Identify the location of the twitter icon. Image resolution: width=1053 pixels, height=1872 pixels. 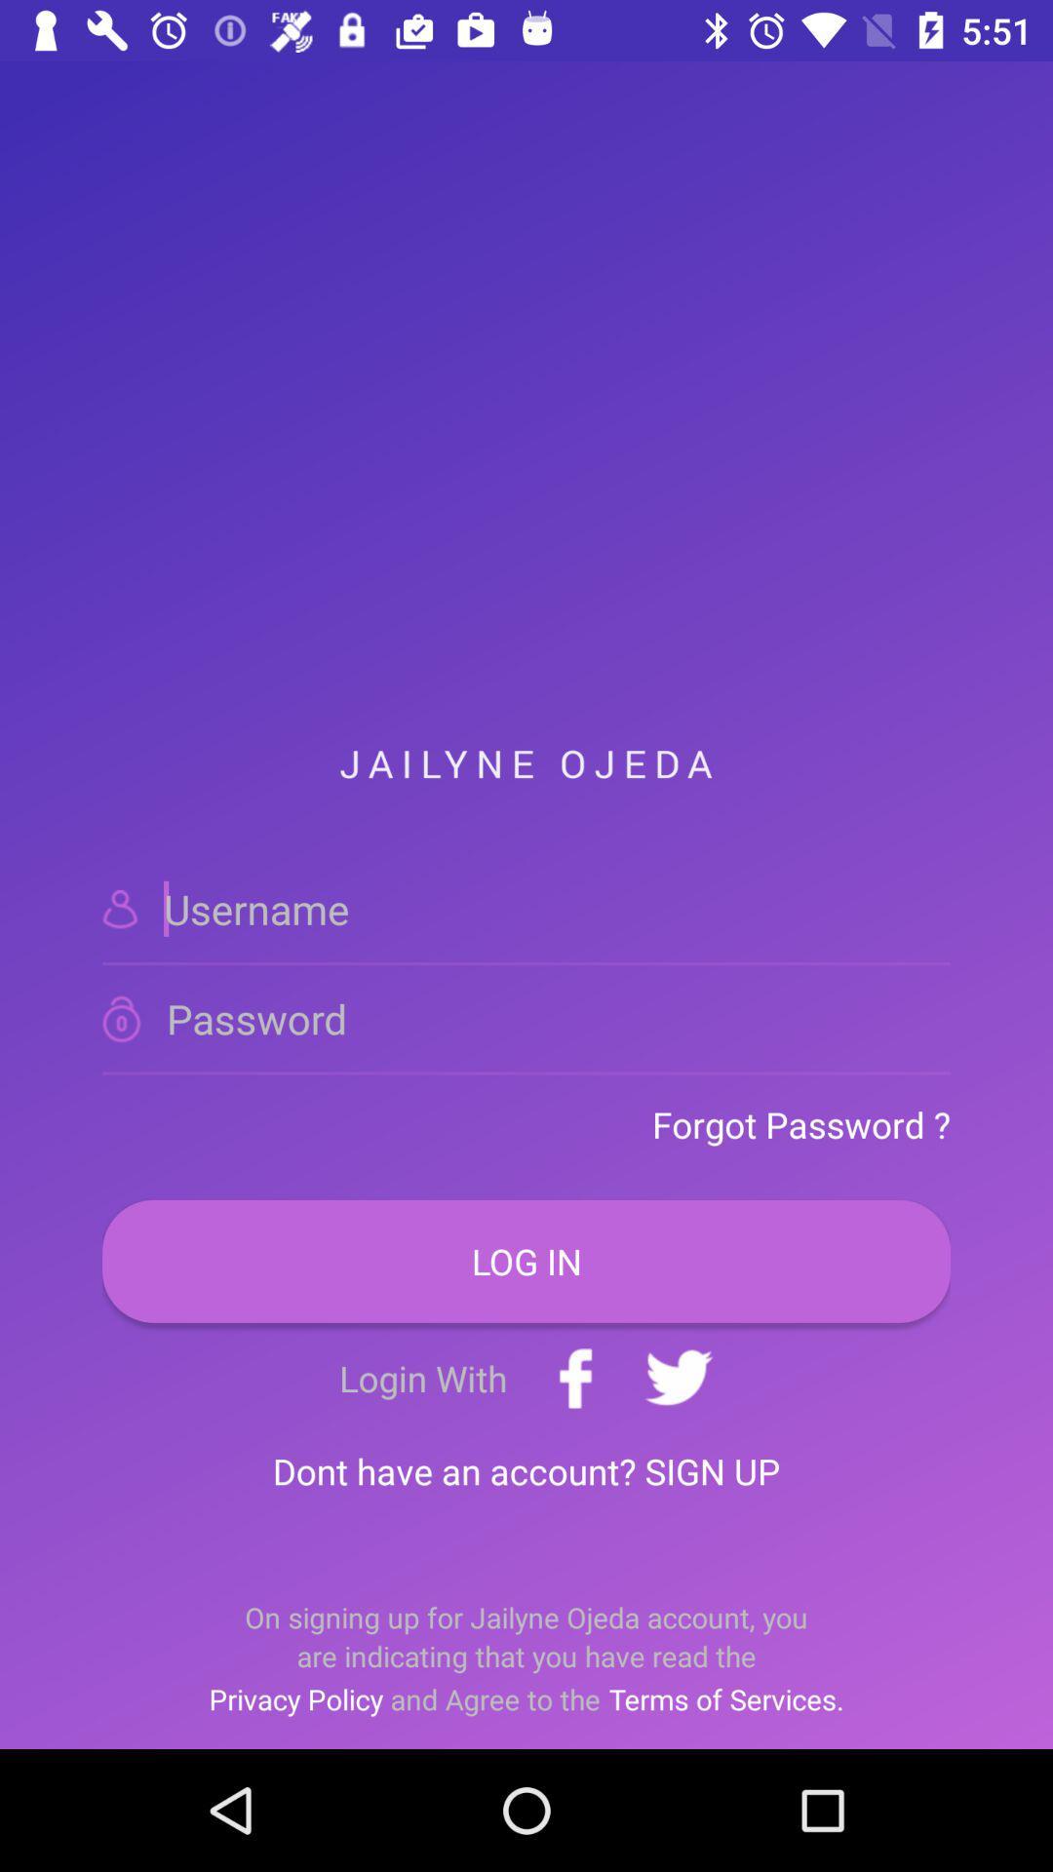
(678, 1377).